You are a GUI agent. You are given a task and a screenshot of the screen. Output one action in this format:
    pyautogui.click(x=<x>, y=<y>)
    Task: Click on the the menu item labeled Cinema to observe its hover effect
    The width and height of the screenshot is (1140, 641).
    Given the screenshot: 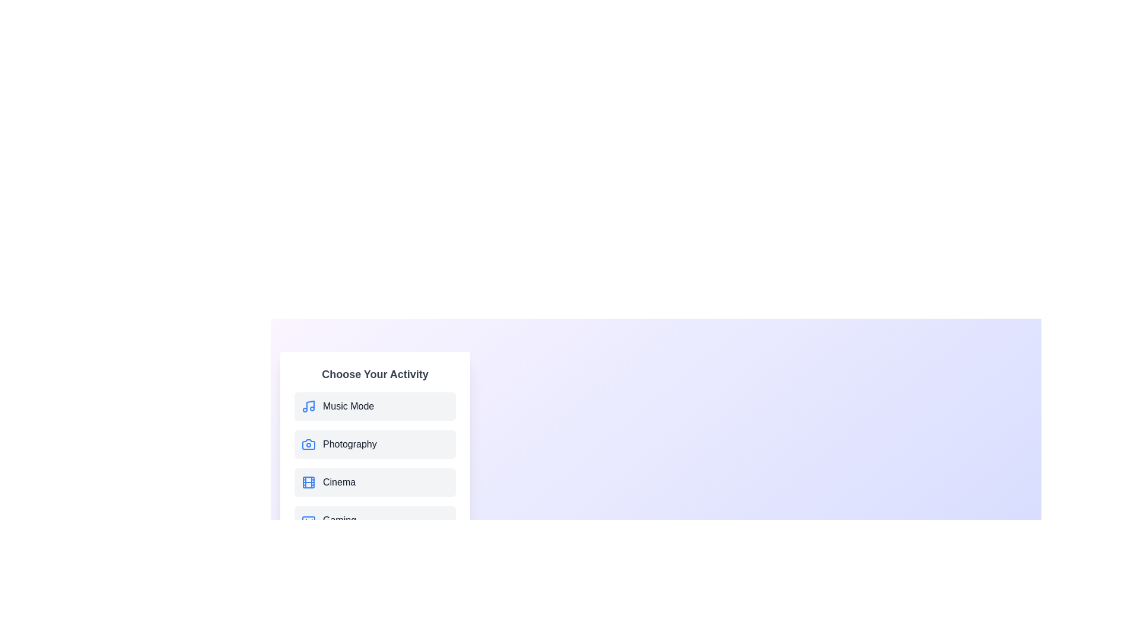 What is the action you would take?
    pyautogui.click(x=375, y=483)
    